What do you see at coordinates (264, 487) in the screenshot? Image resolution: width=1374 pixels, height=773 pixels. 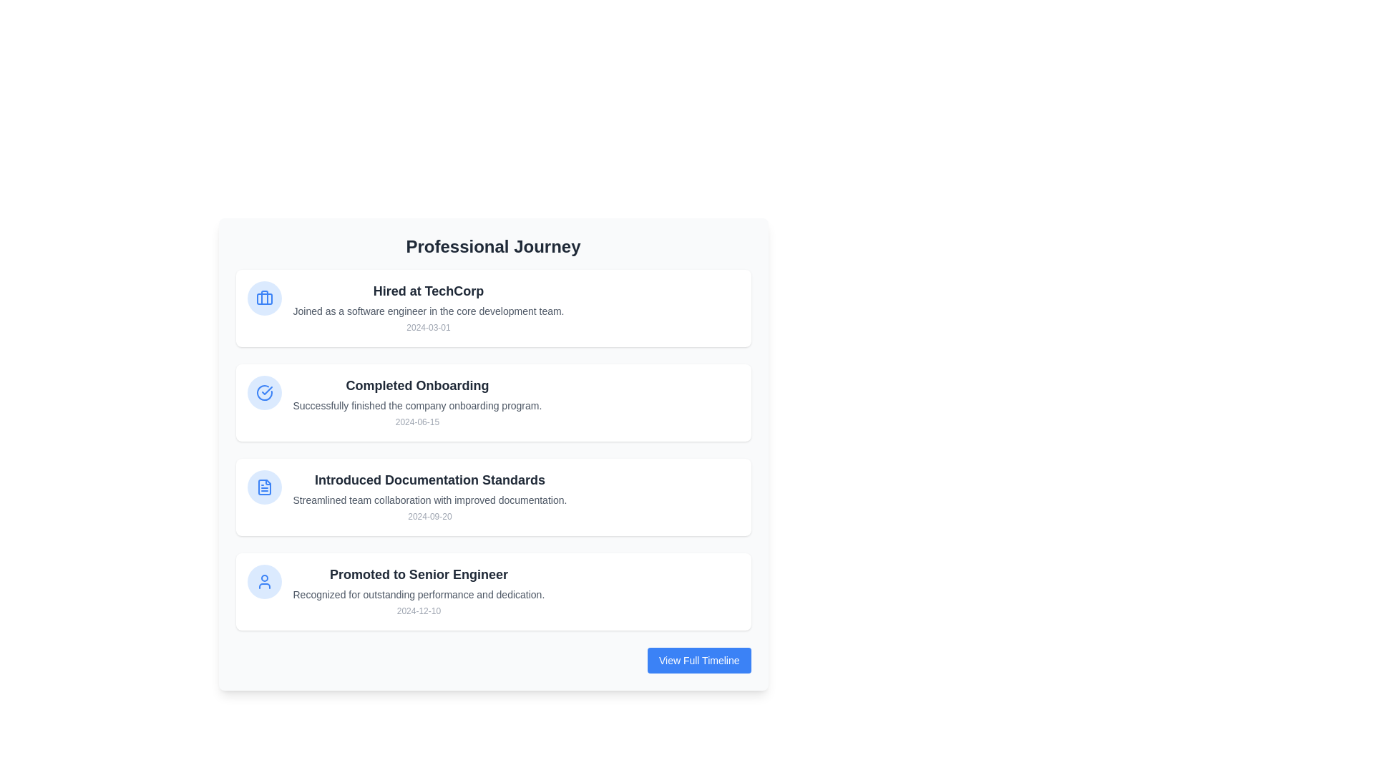 I see `the circular icon with a light blue background containing a blue document symbol, located at the top-left corner of the 'Introduced Documentation Standards' box` at bounding box center [264, 487].